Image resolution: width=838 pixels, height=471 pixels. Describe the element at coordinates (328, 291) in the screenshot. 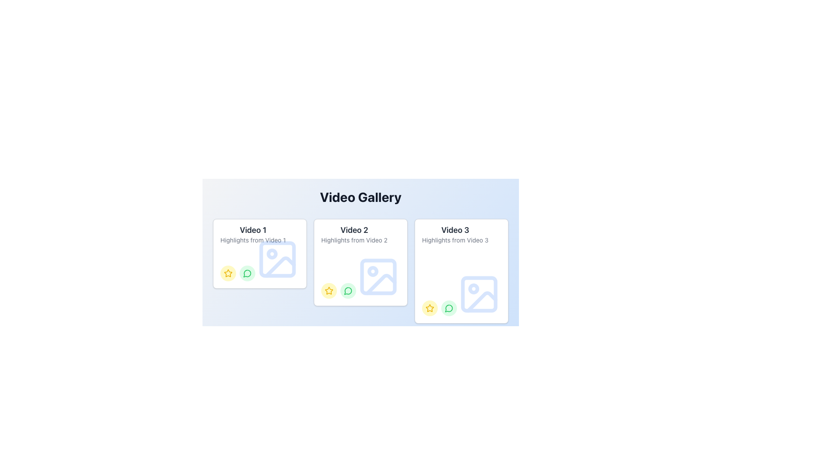

I see `the favorite button located at the bottom-left of the second video card titled 'Video 2' in the 'Video Gallery' interface` at that location.